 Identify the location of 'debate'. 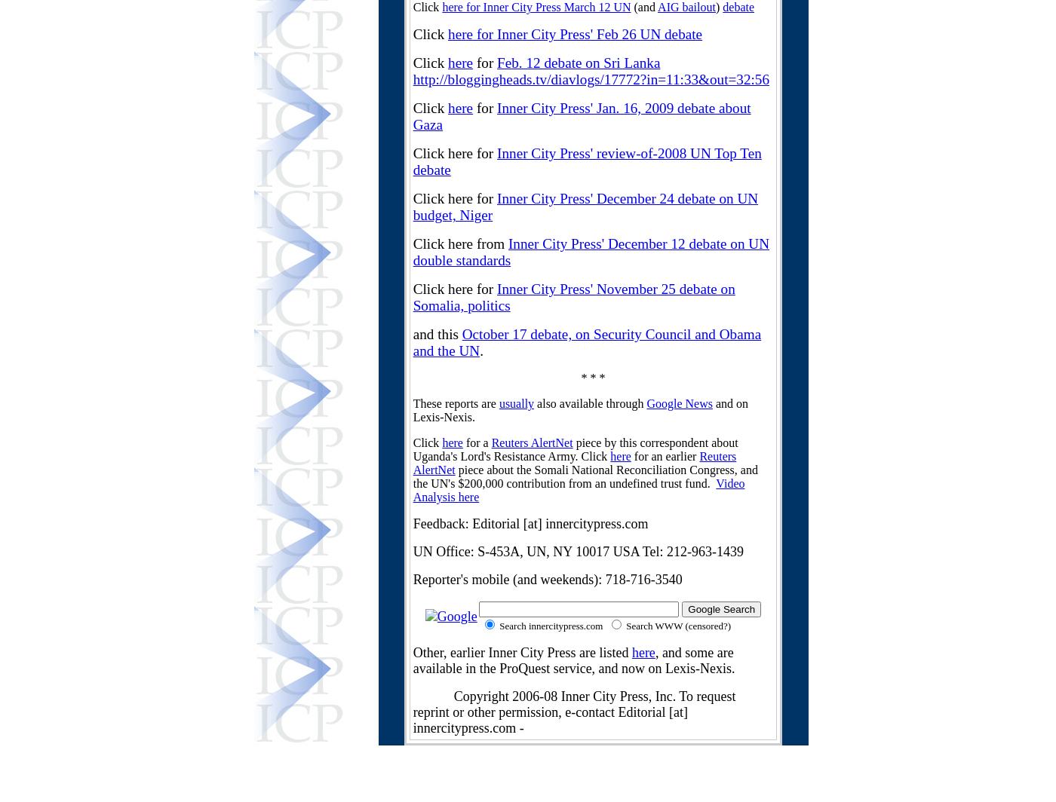
(723, 7).